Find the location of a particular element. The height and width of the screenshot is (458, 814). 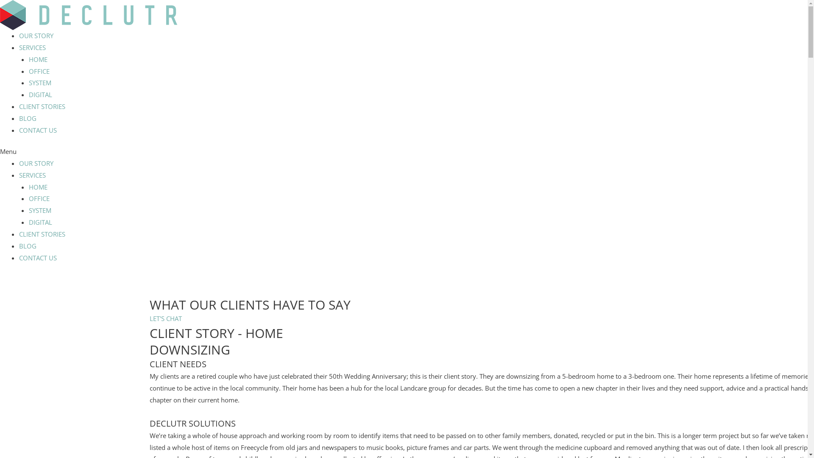

'OFFICE' is located at coordinates (39, 198).